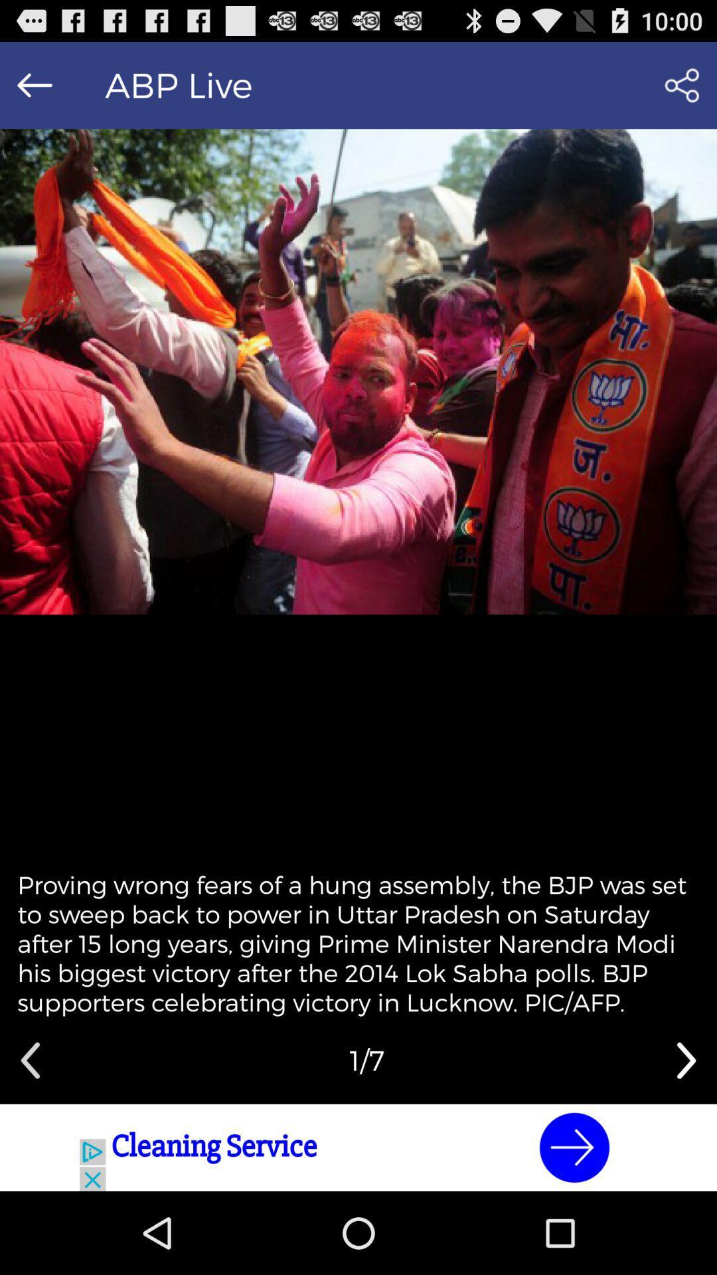 This screenshot has height=1275, width=717. What do you see at coordinates (686, 1060) in the screenshot?
I see `next page` at bounding box center [686, 1060].